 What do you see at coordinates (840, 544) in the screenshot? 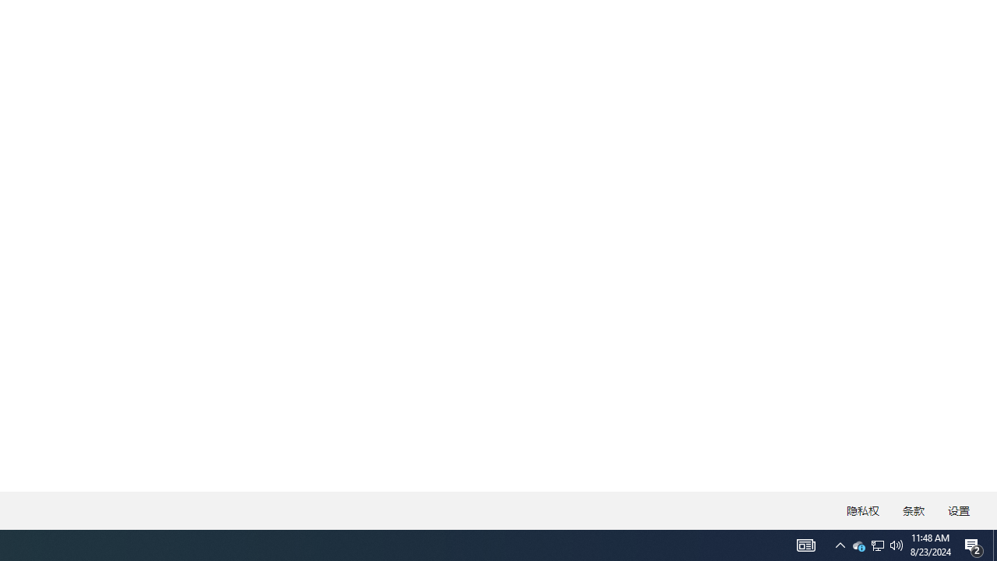
I see `'Notification Chevron'` at bounding box center [840, 544].